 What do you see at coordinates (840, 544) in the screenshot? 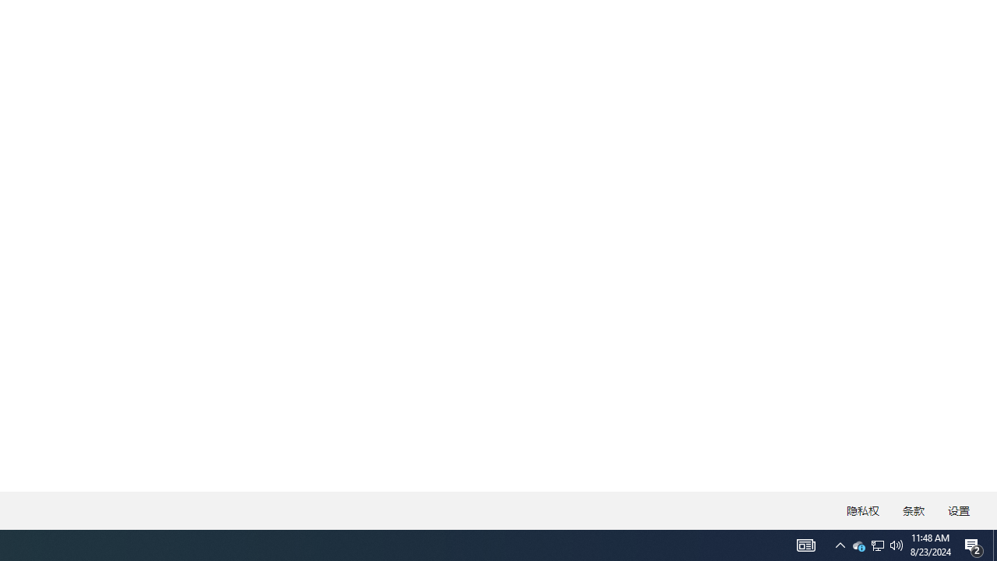
I see `'Notification Chevron'` at bounding box center [840, 544].